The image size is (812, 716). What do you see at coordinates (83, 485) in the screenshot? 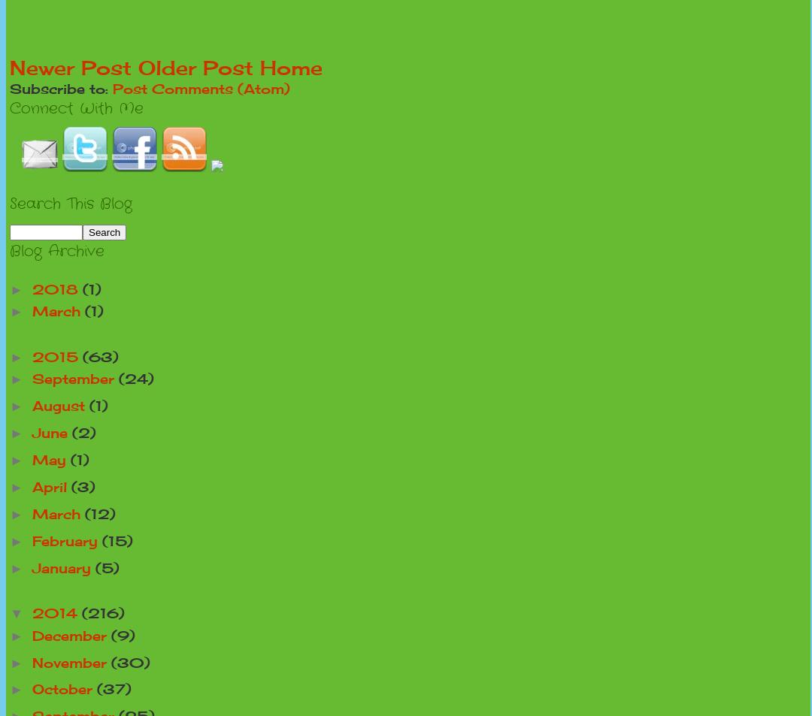
I see `'(3)'` at bounding box center [83, 485].